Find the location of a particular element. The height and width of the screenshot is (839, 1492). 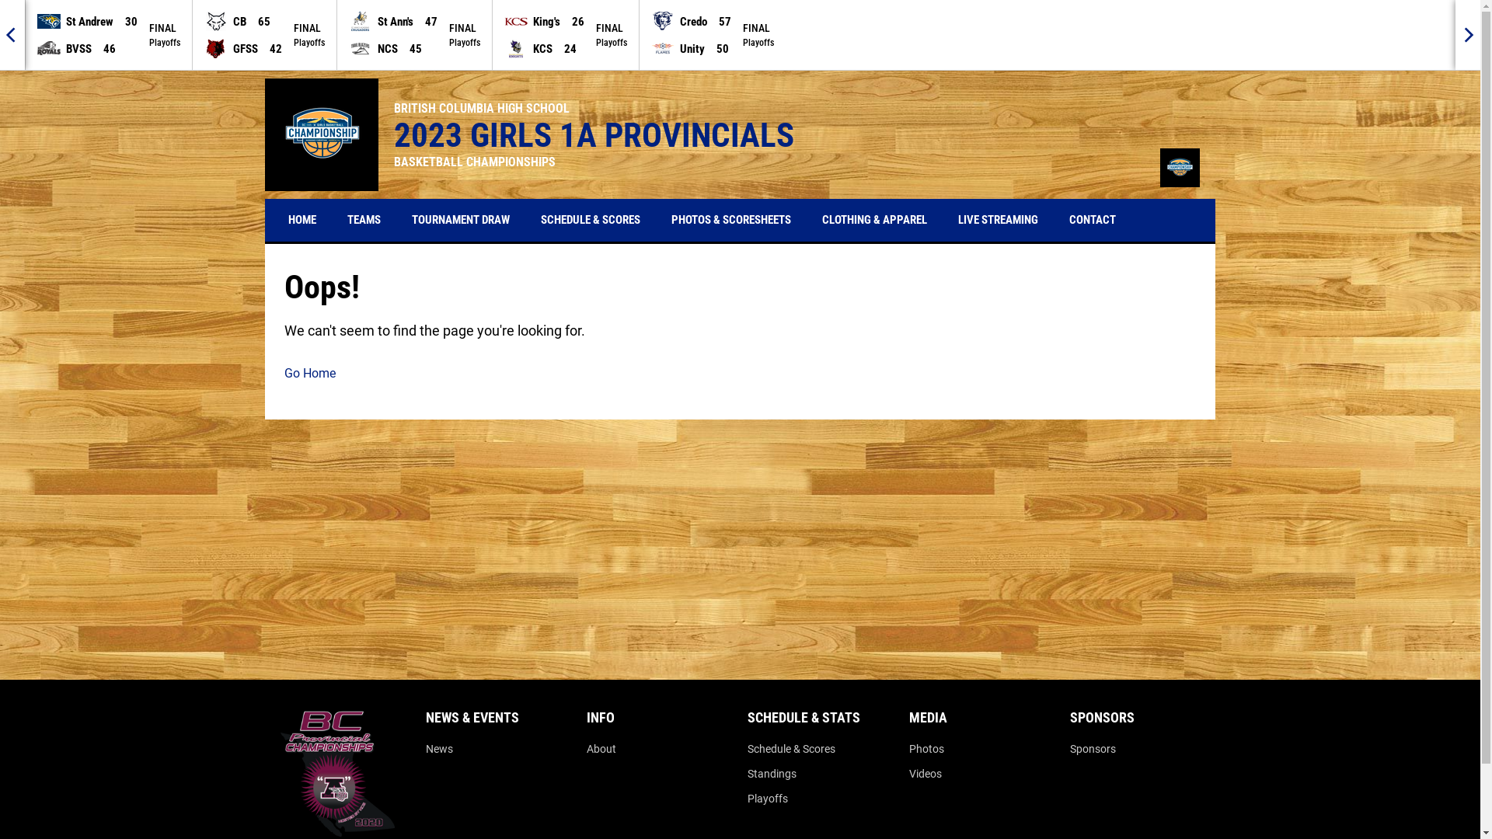

'News' is located at coordinates (438, 748).